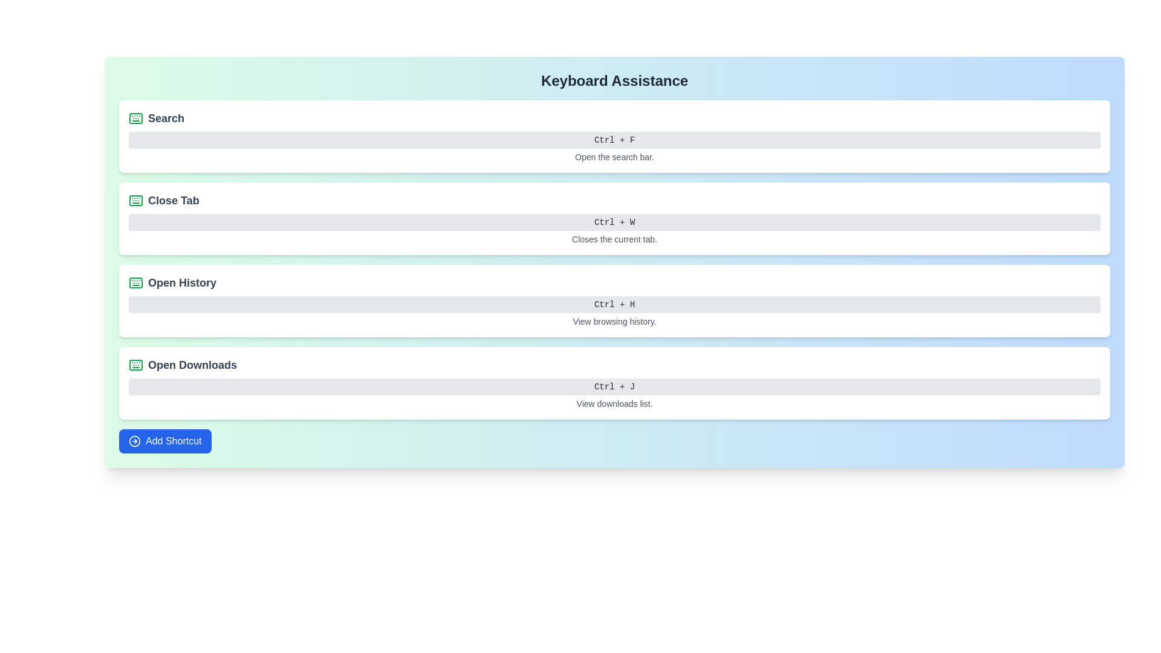 The height and width of the screenshot is (653, 1161). Describe the element at coordinates (614, 239) in the screenshot. I see `the description text that clarifies the function of the shortcut 'Ctrl + W' for closing the current tab, which is located underneath the title 'Close Tab'` at that location.